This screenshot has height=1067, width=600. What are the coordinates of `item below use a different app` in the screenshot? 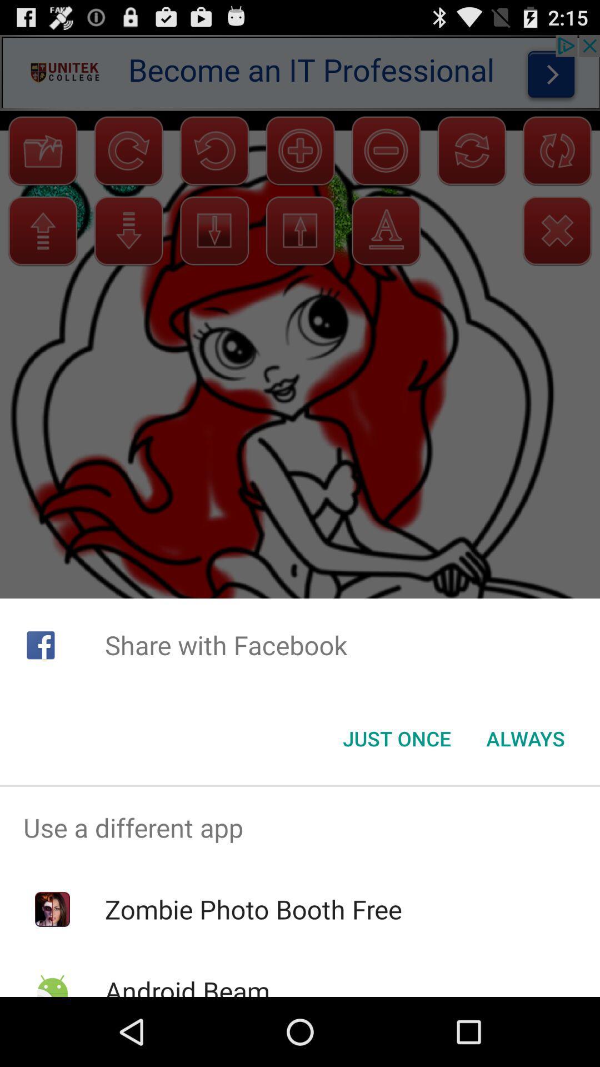 It's located at (253, 909).